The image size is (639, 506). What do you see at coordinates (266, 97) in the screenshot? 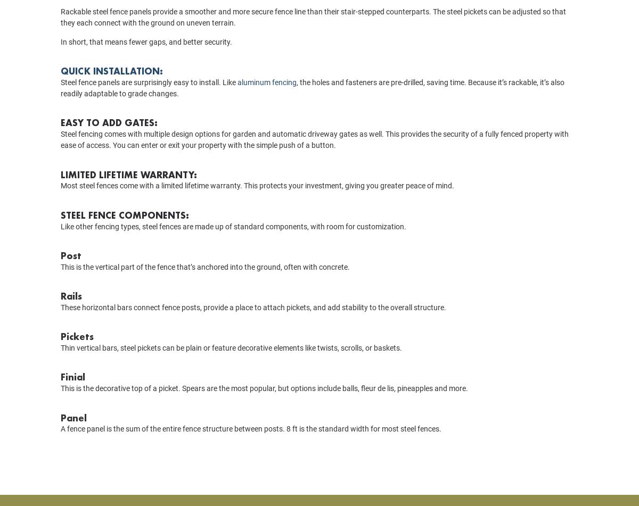
I see `'aluminum fencing'` at bounding box center [266, 97].